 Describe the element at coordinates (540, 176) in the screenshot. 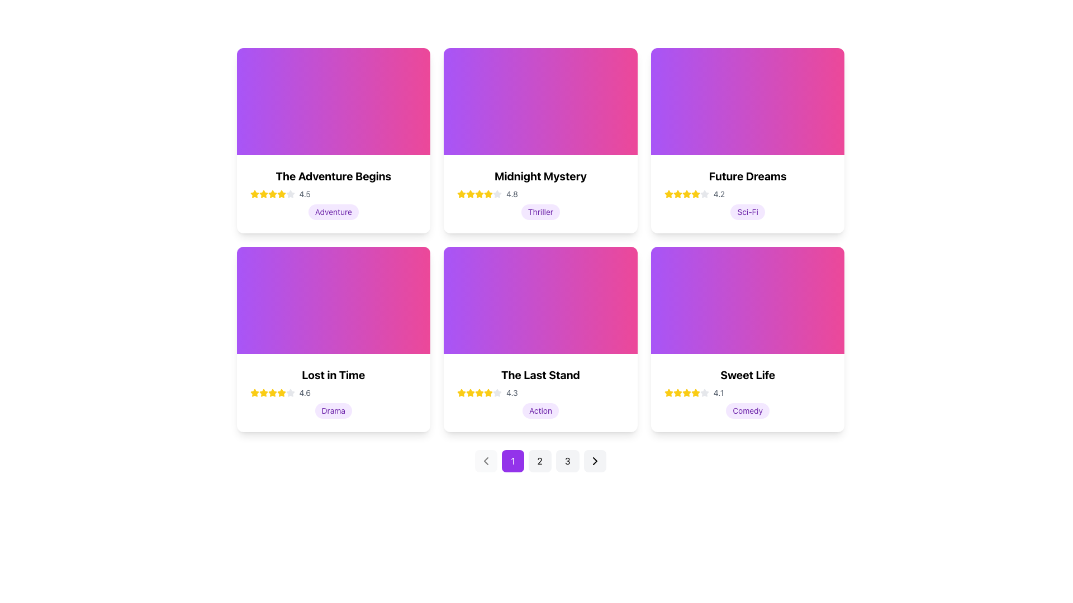

I see `the bold, black text title 'Midnight Mystery' displayed prominently on the card component, which is located in the upper-middle region of the card, above the star rating and genre label 'Thriller'` at that location.